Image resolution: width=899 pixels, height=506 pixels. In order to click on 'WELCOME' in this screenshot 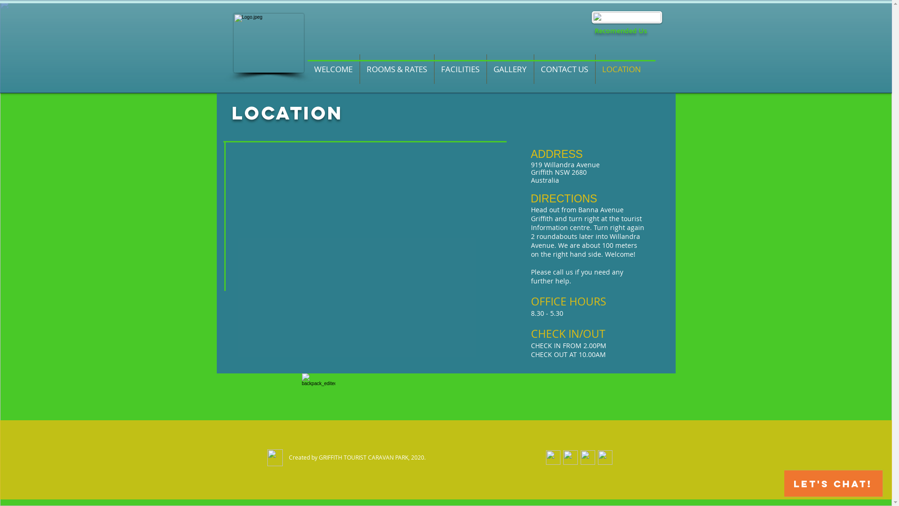, I will do `click(333, 68)`.